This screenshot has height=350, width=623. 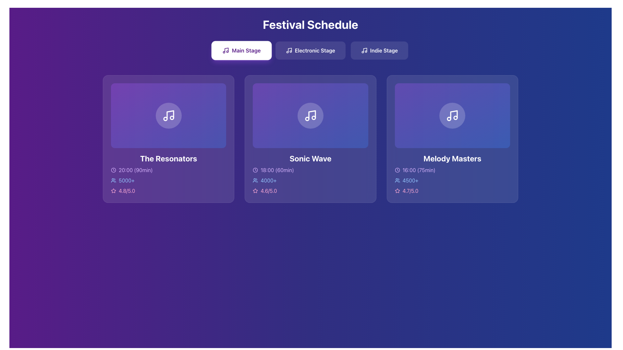 I want to click on the star-shaped icon outlined with a pink stroke, located to the left of the rating text '4.8/5.0' within the 'The Resonators' card, so click(x=114, y=190).